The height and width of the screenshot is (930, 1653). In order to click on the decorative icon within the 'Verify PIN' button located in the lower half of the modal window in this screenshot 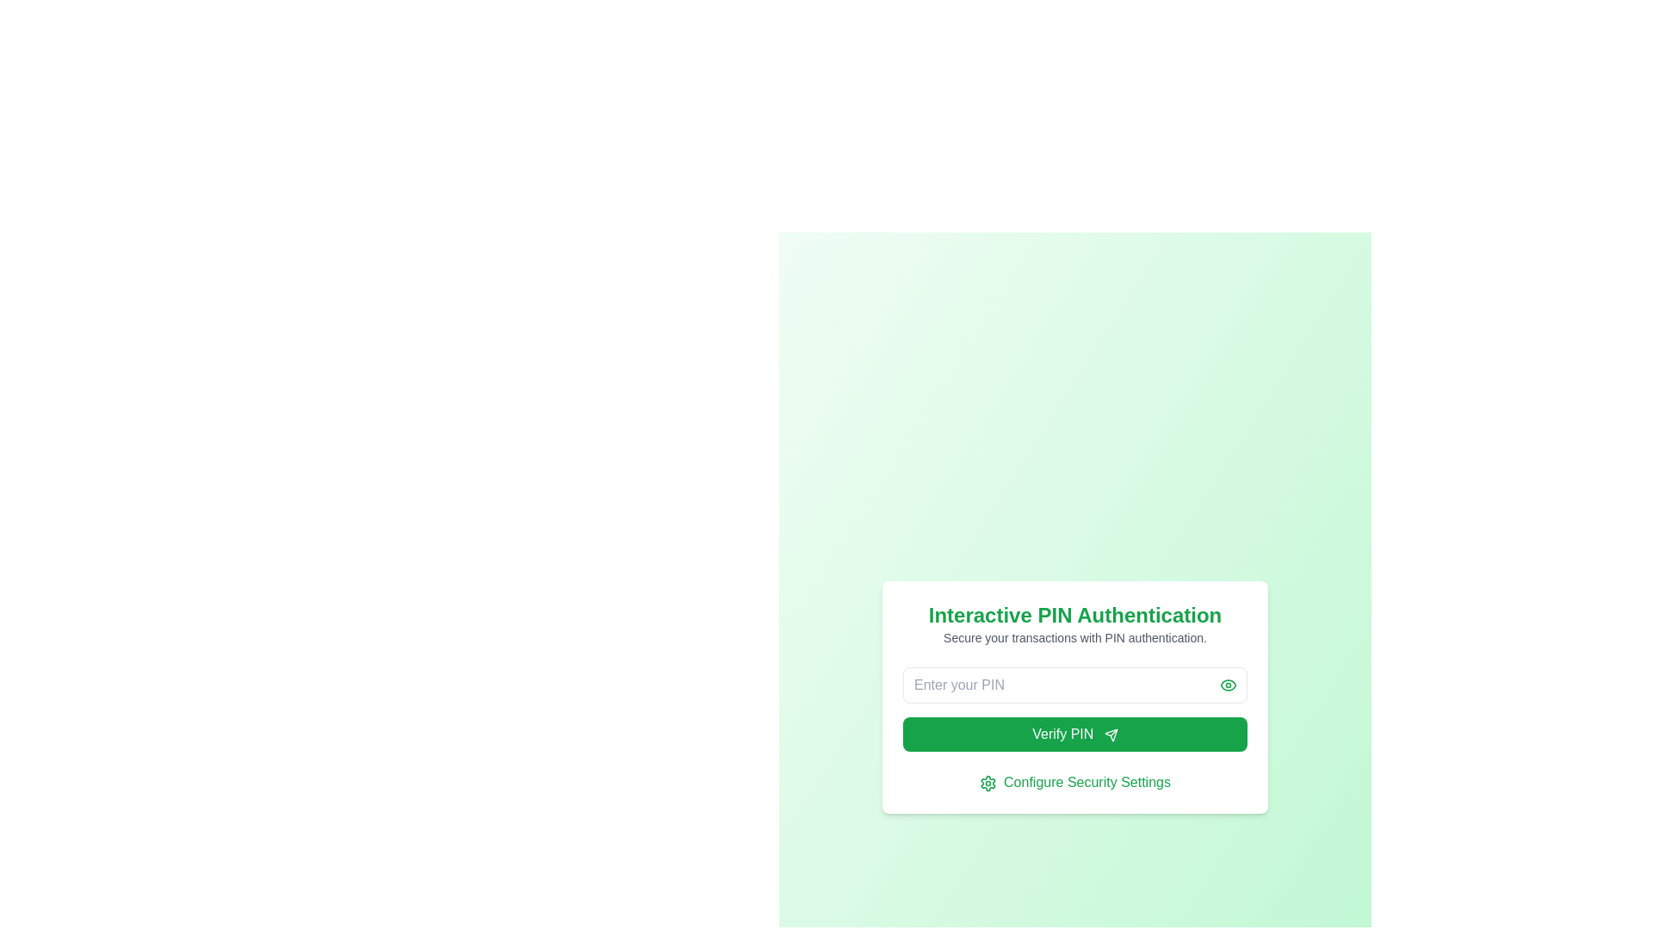, I will do `click(1111, 735)`.